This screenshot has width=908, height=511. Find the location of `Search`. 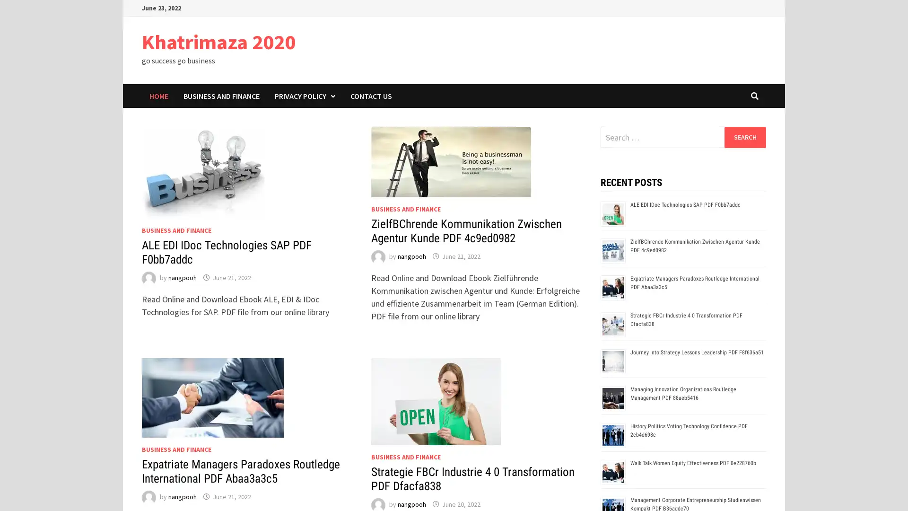

Search is located at coordinates (744, 137).